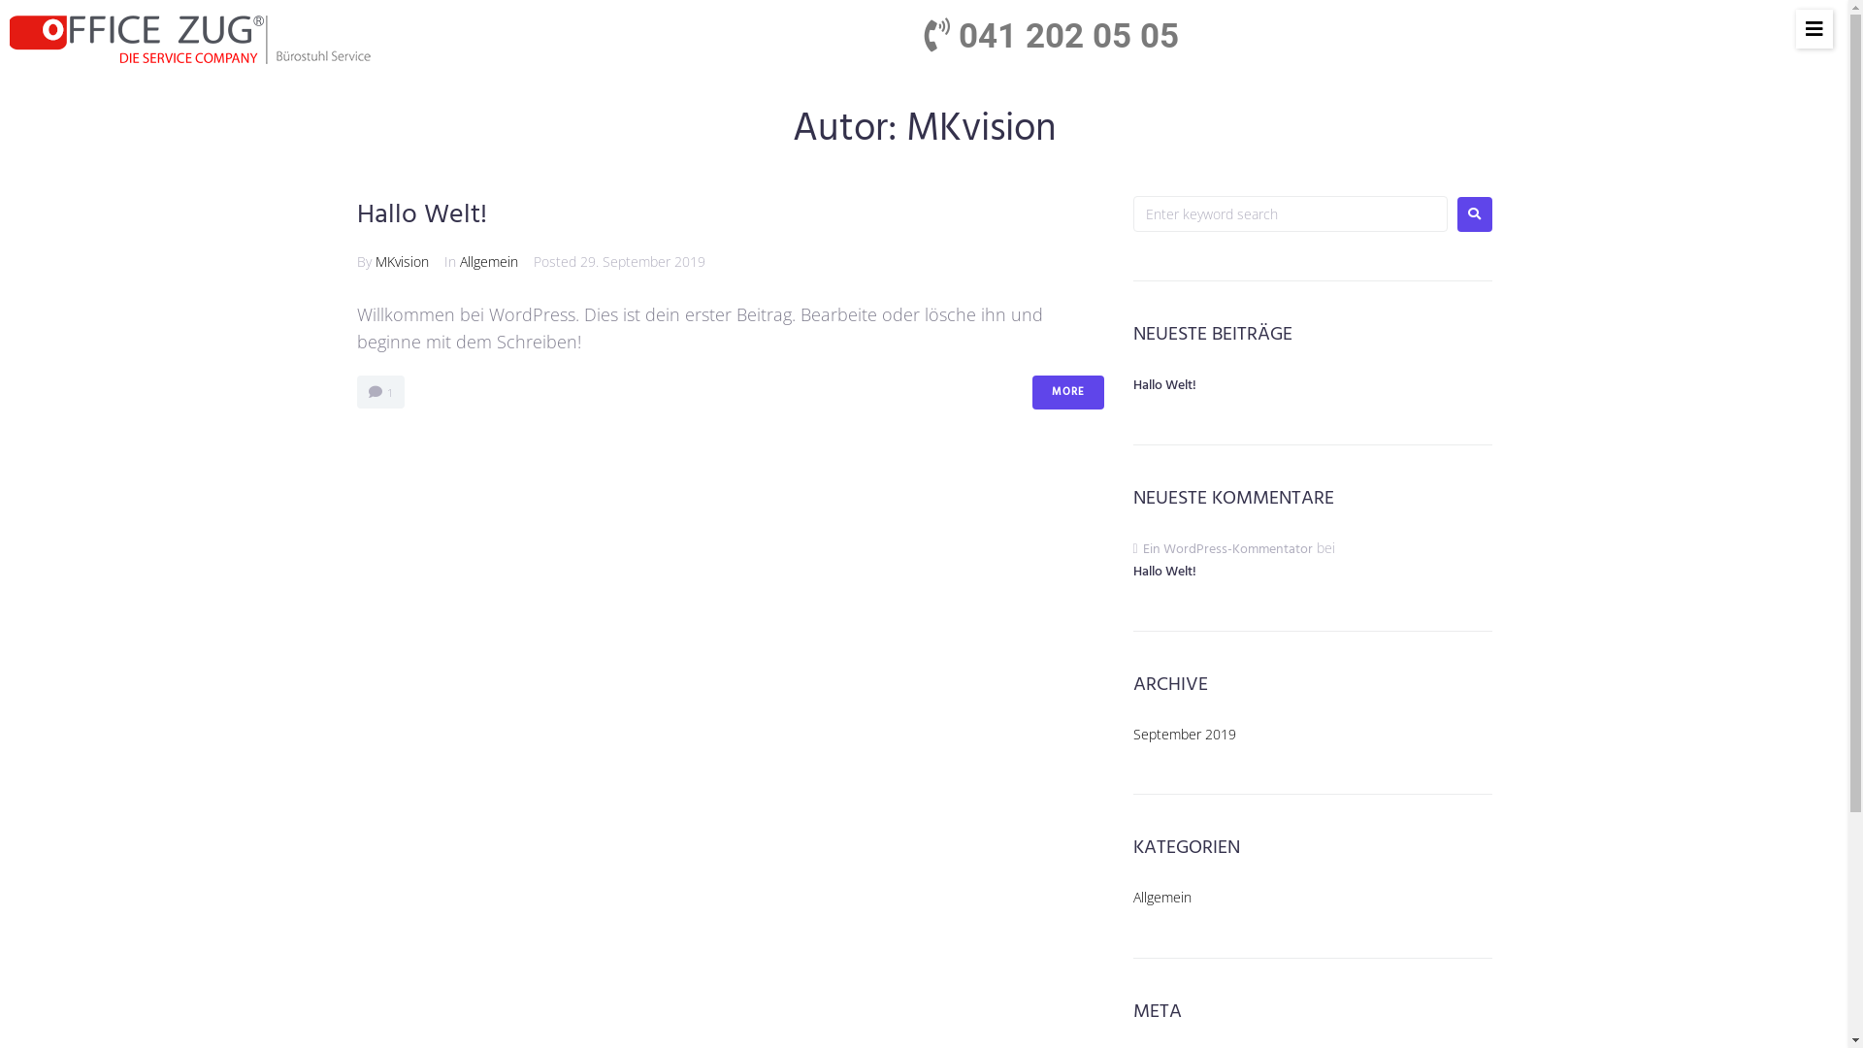 This screenshot has width=1863, height=1048. Describe the element at coordinates (1313, 582) in the screenshot. I see `'Hallo Welt!'` at that location.